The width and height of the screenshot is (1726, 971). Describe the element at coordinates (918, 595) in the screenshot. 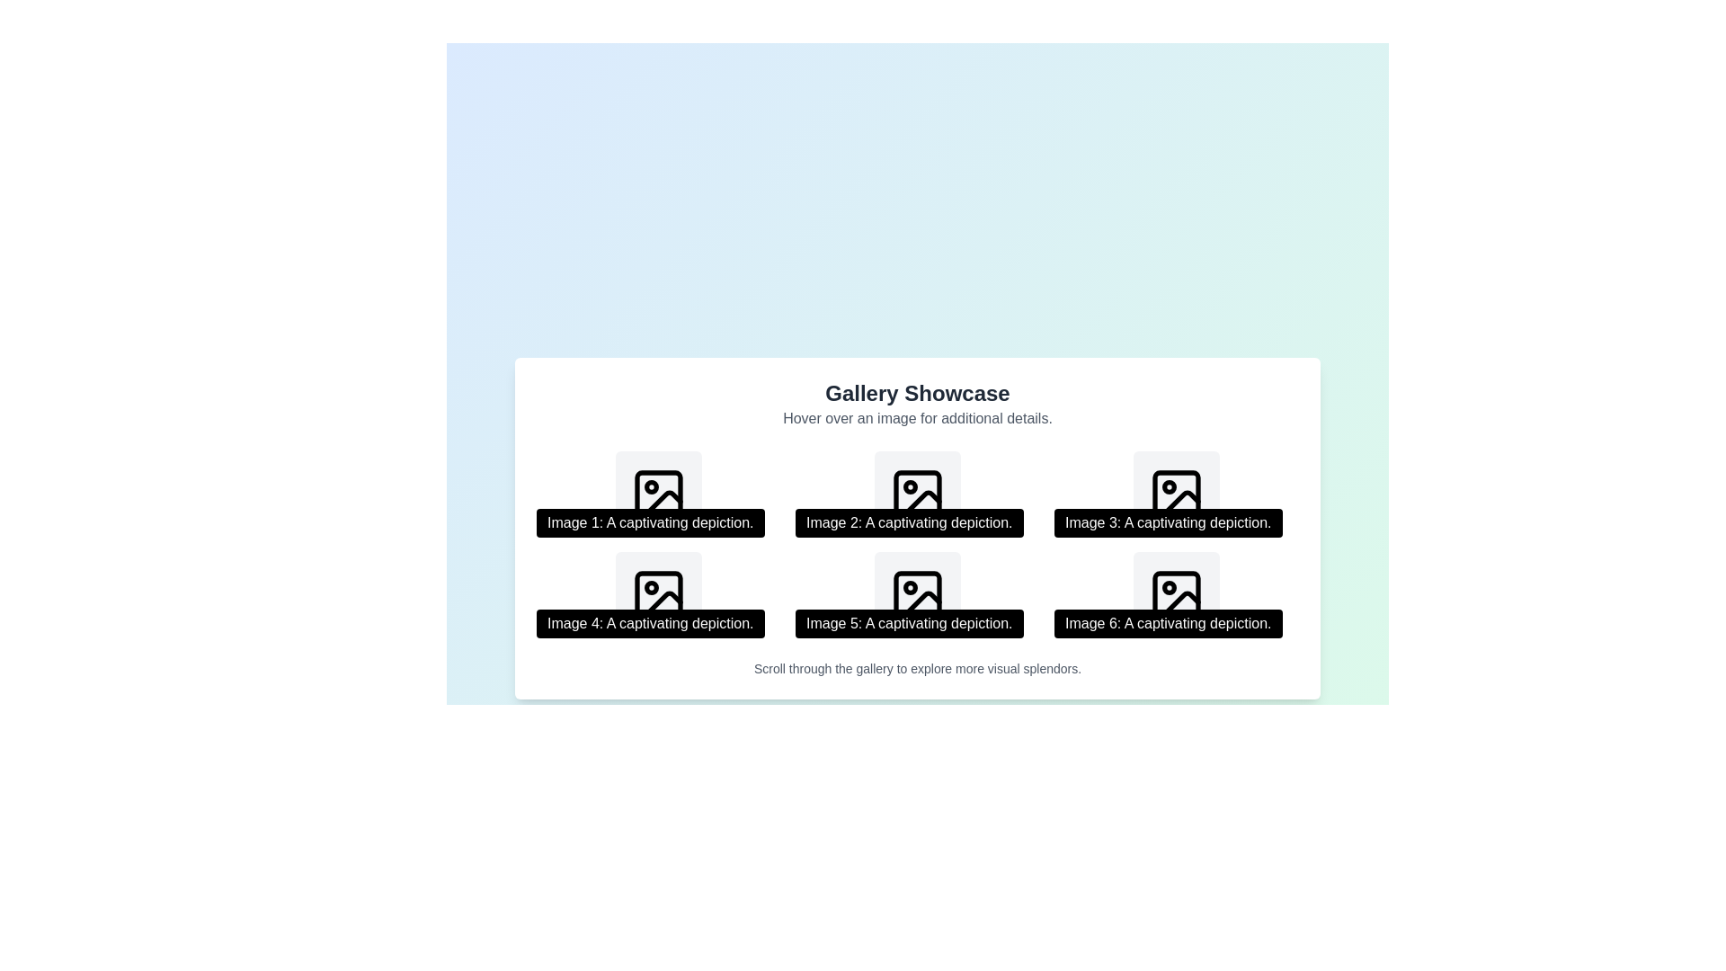

I see `the thumbnail labeled 'Image 5: A captivating depiction'` at that location.